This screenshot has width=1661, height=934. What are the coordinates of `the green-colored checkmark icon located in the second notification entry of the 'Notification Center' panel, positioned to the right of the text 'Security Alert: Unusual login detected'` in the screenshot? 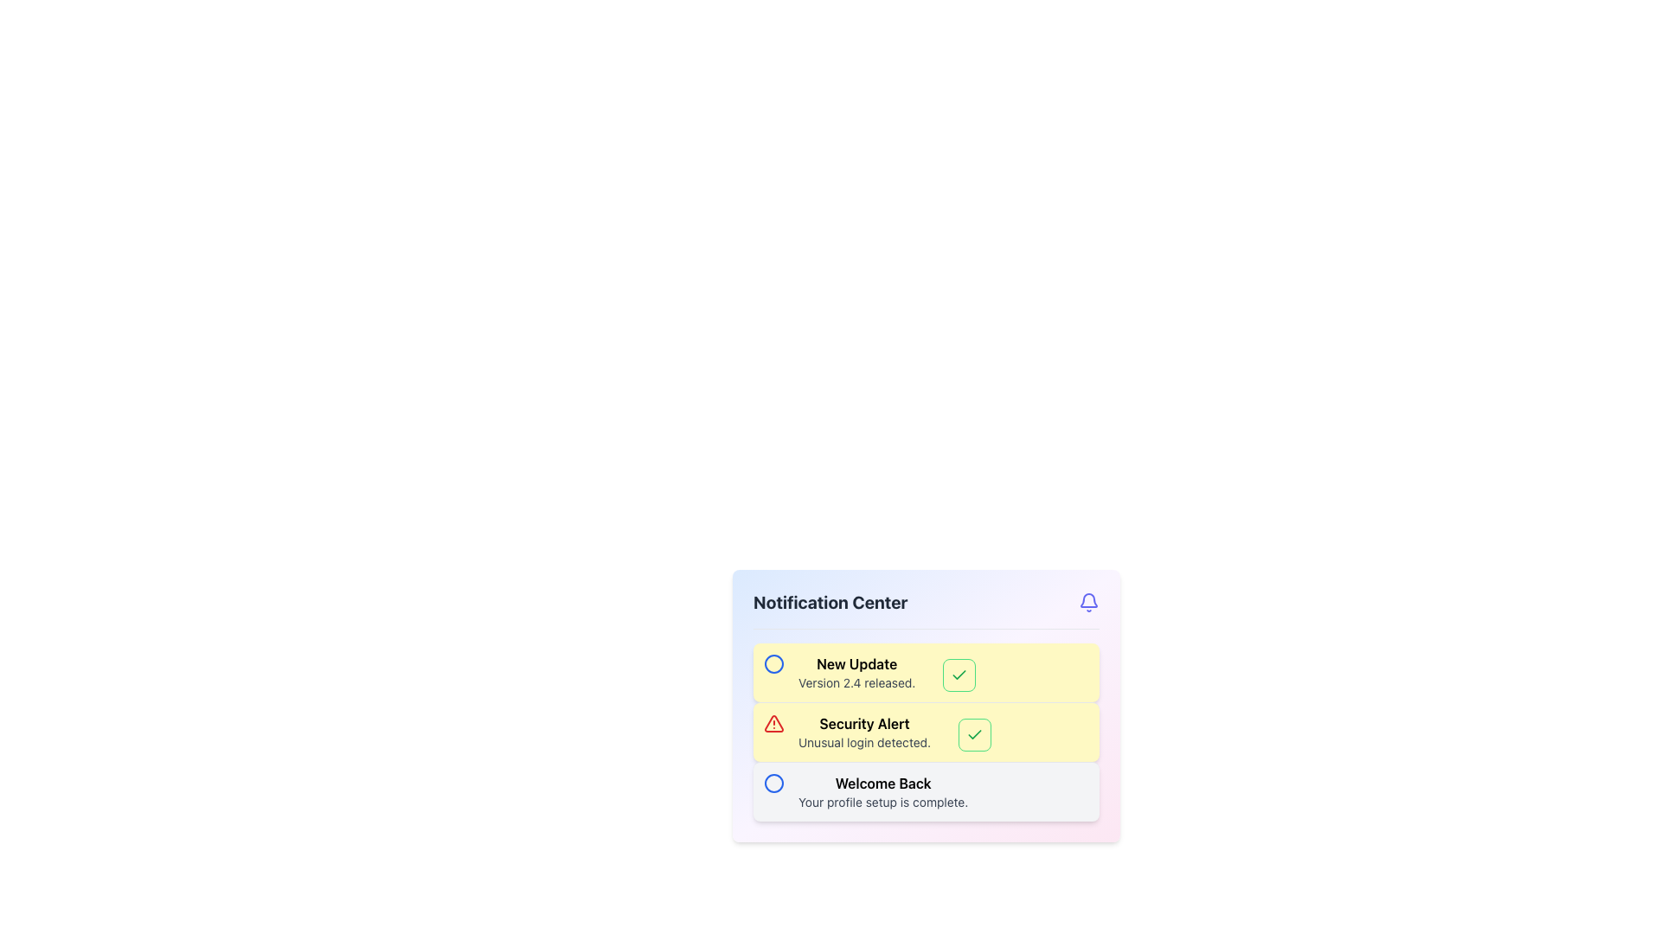 It's located at (959, 674).